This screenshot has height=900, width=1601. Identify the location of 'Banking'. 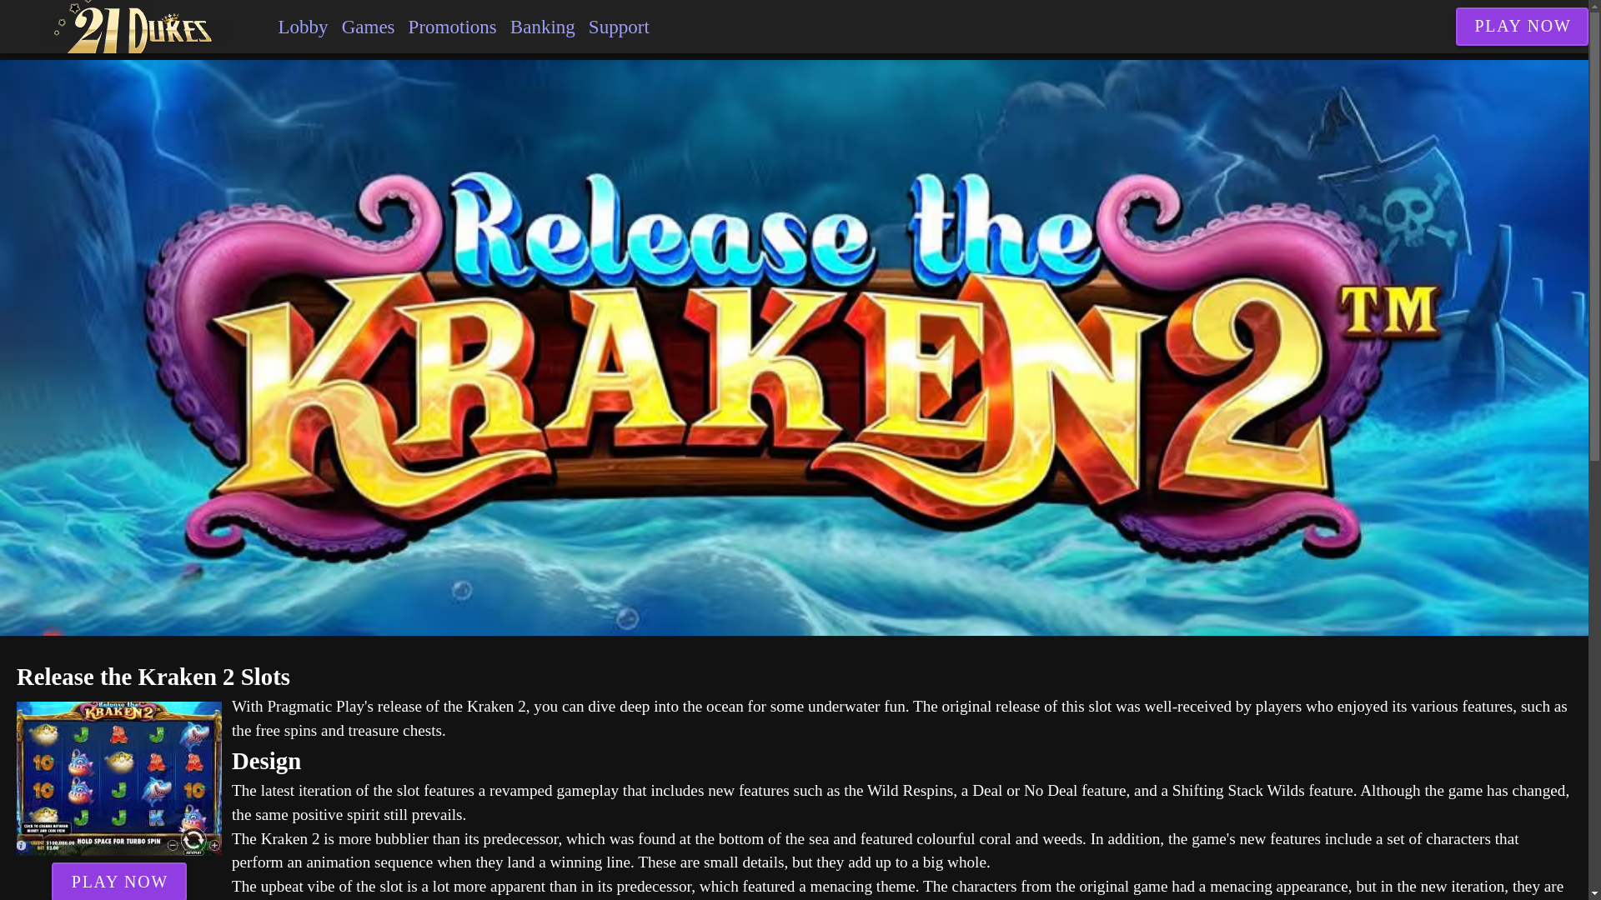
(543, 26).